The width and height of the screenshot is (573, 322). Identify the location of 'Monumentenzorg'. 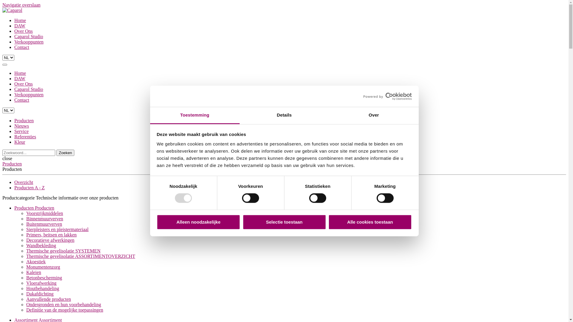
(43, 267).